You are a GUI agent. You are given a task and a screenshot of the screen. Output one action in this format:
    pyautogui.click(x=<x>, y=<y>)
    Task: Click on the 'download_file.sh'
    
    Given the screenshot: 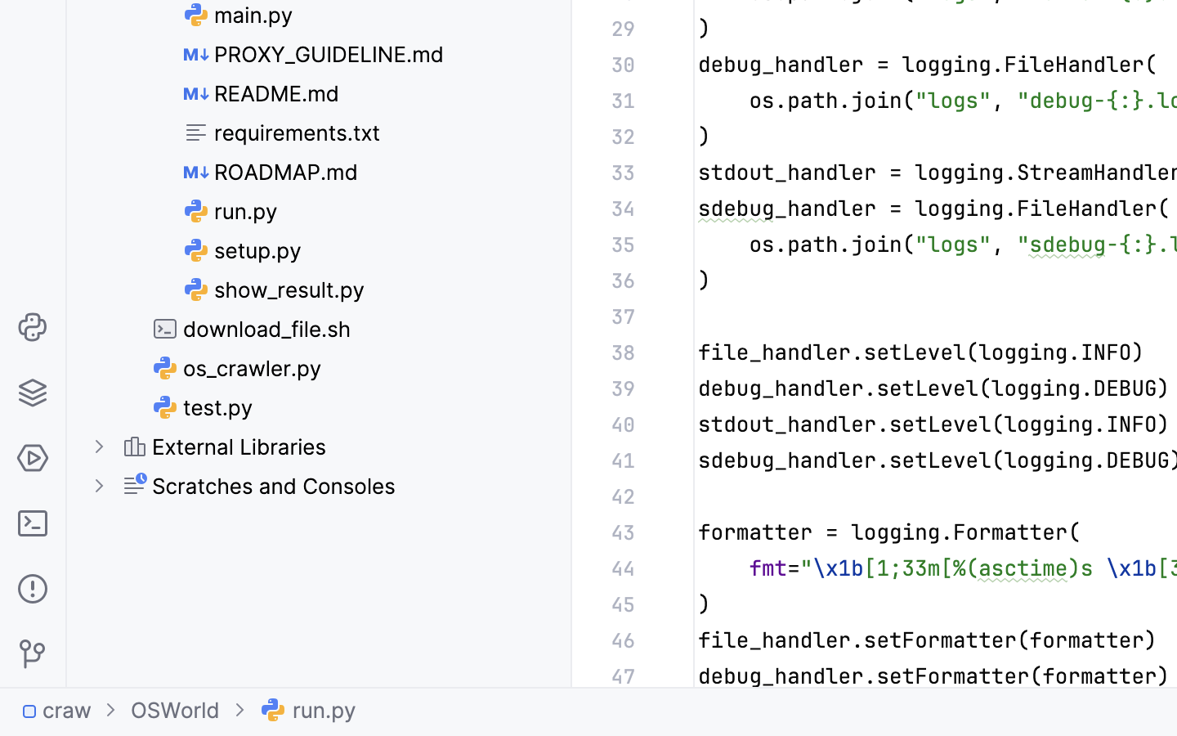 What is the action you would take?
    pyautogui.click(x=253, y=329)
    